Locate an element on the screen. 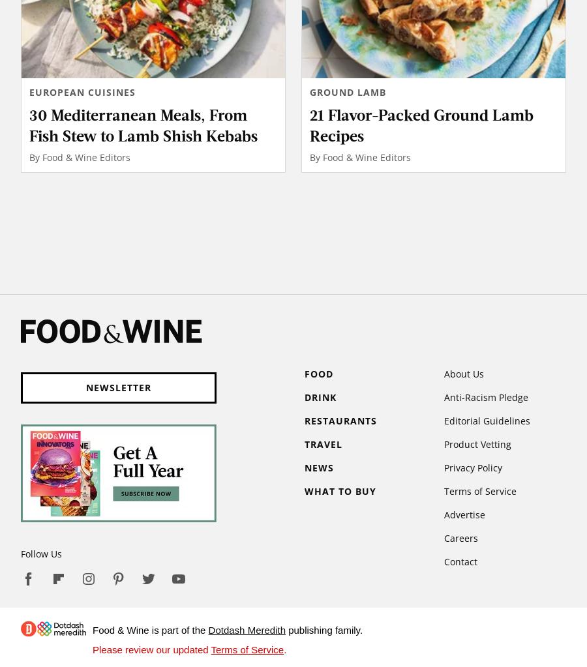 The height and width of the screenshot is (667, 587). 'Dotdash Meredith' is located at coordinates (207, 629).